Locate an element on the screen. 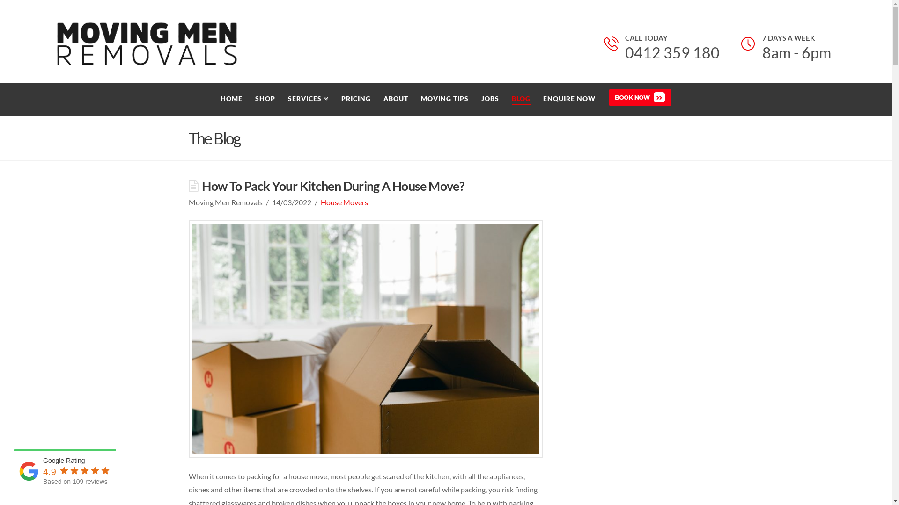  'HOME' is located at coordinates (231, 99).